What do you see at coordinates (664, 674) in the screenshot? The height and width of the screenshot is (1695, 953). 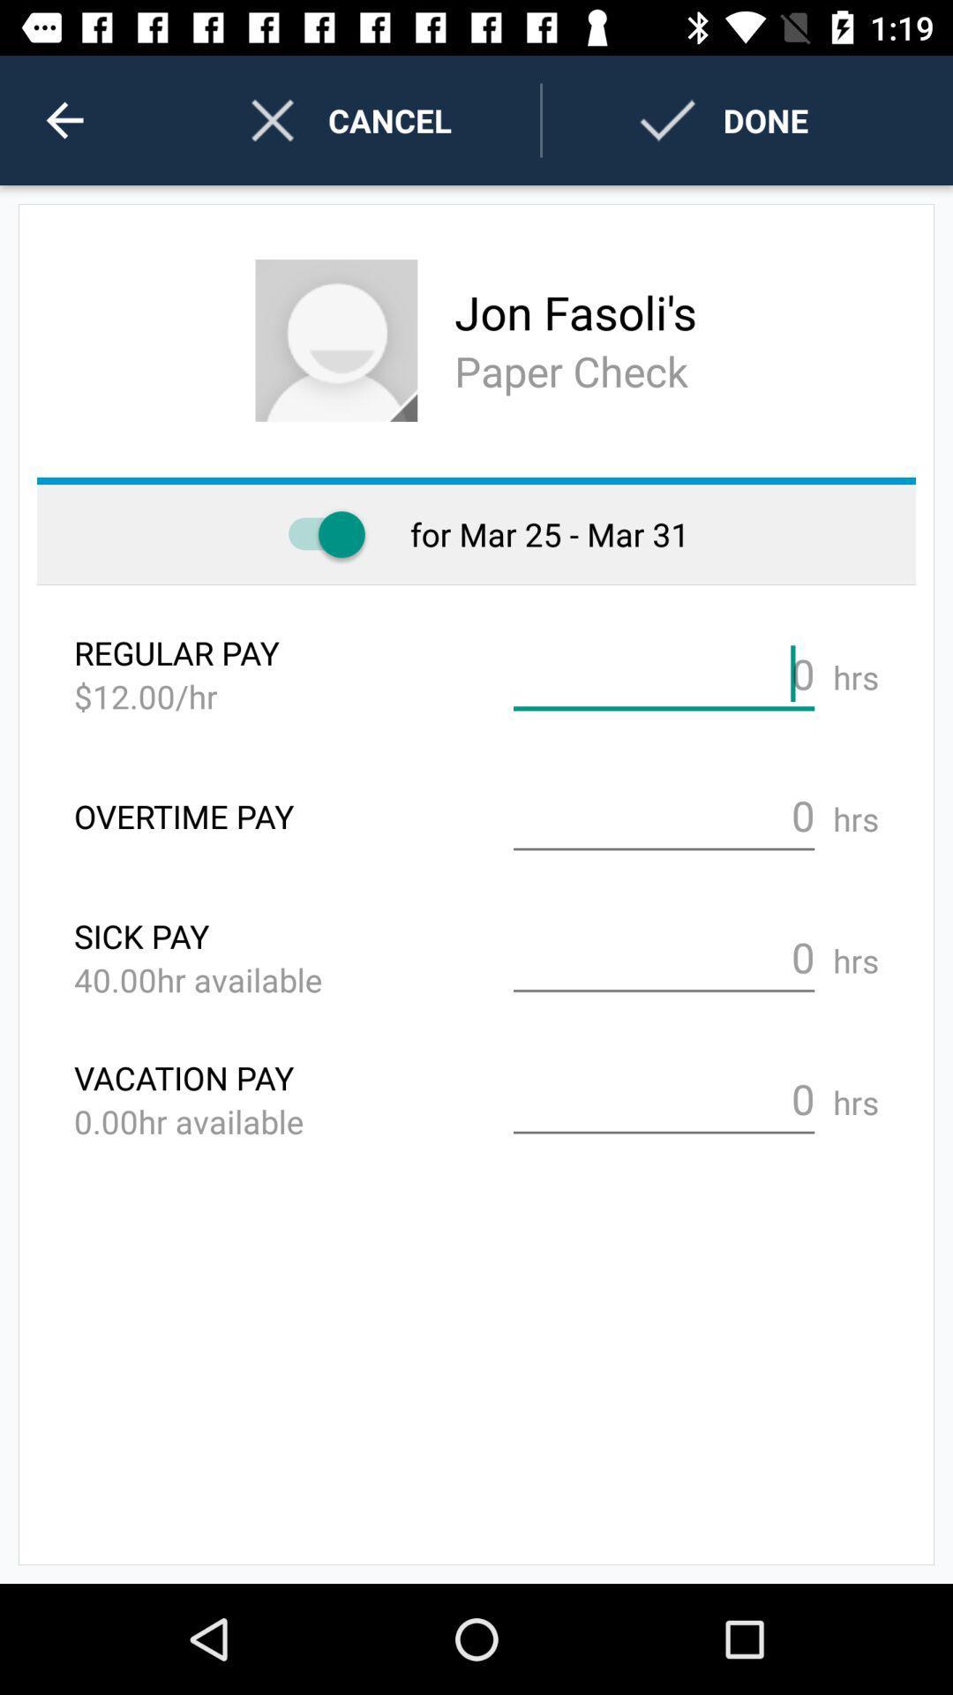 I see `input text` at bounding box center [664, 674].